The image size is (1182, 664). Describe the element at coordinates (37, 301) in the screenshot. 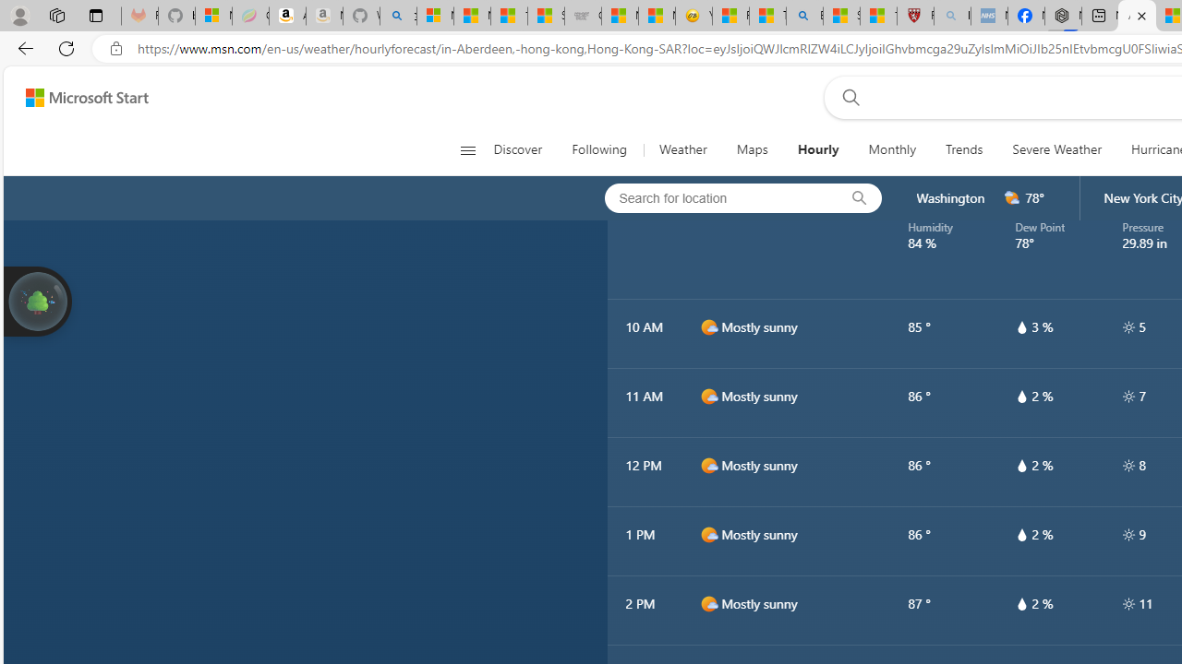

I see `'Join us in planting real trees to help our planet!'` at that location.